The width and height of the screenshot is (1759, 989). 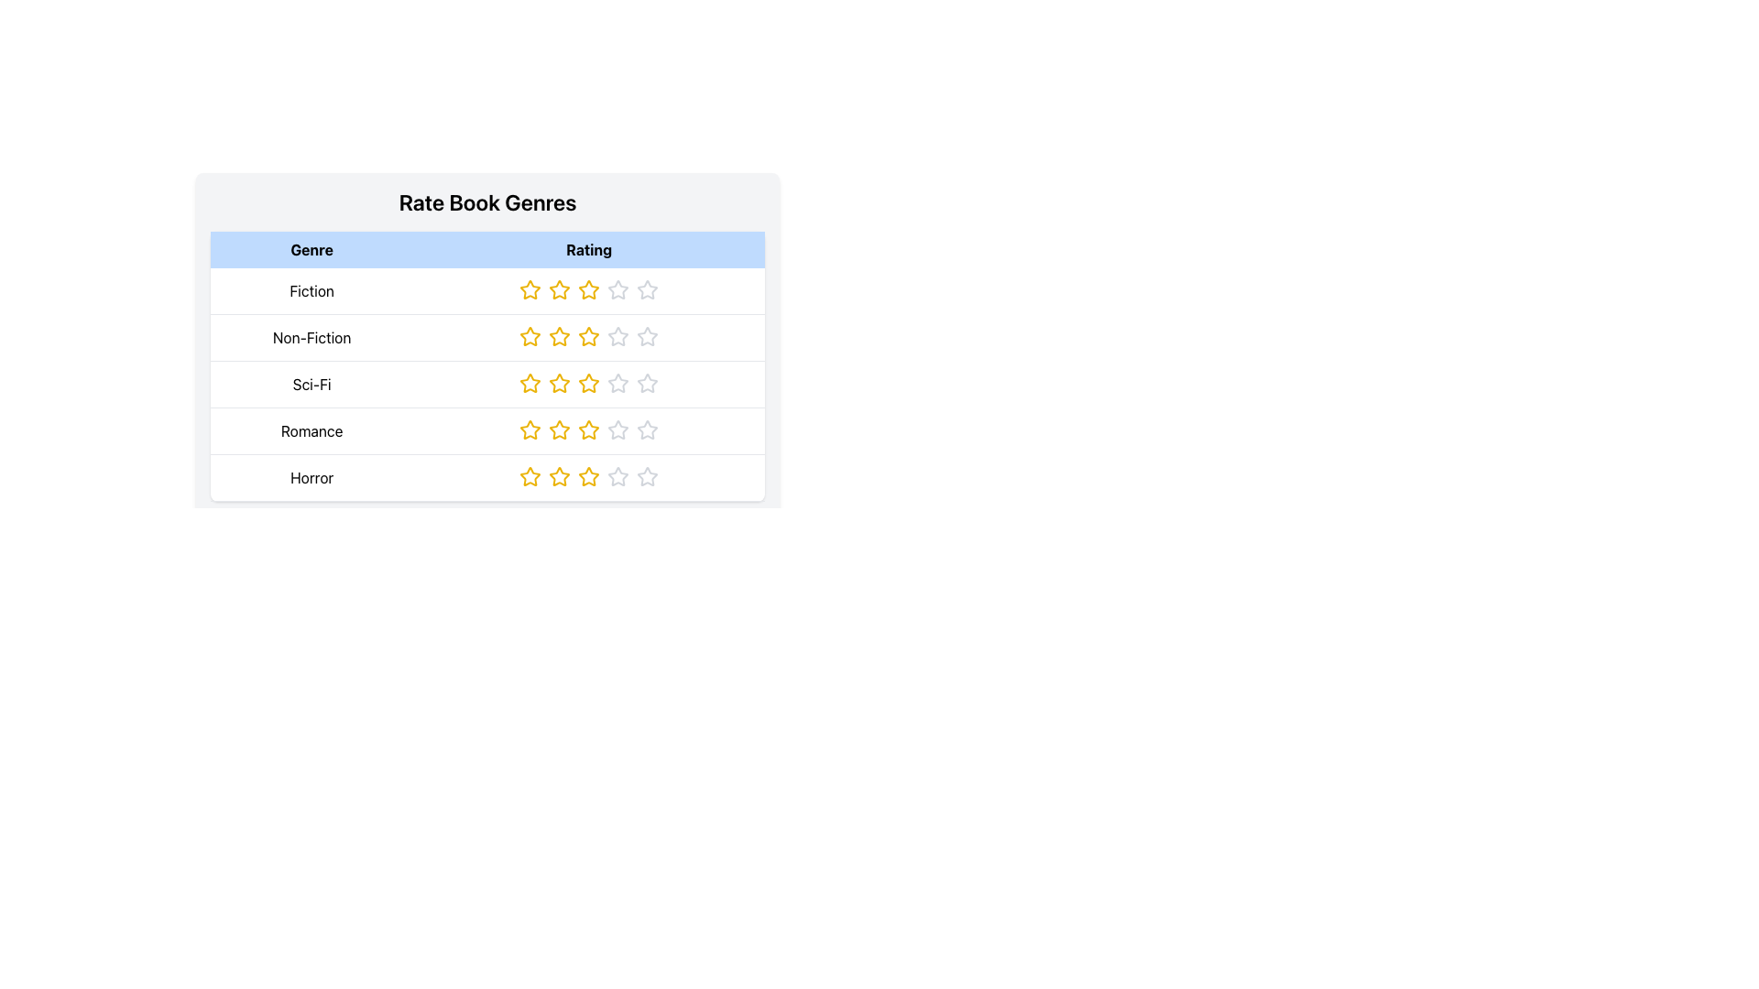 I want to click on the third star in the 'Sci-Fi' rating control, so click(x=589, y=383).